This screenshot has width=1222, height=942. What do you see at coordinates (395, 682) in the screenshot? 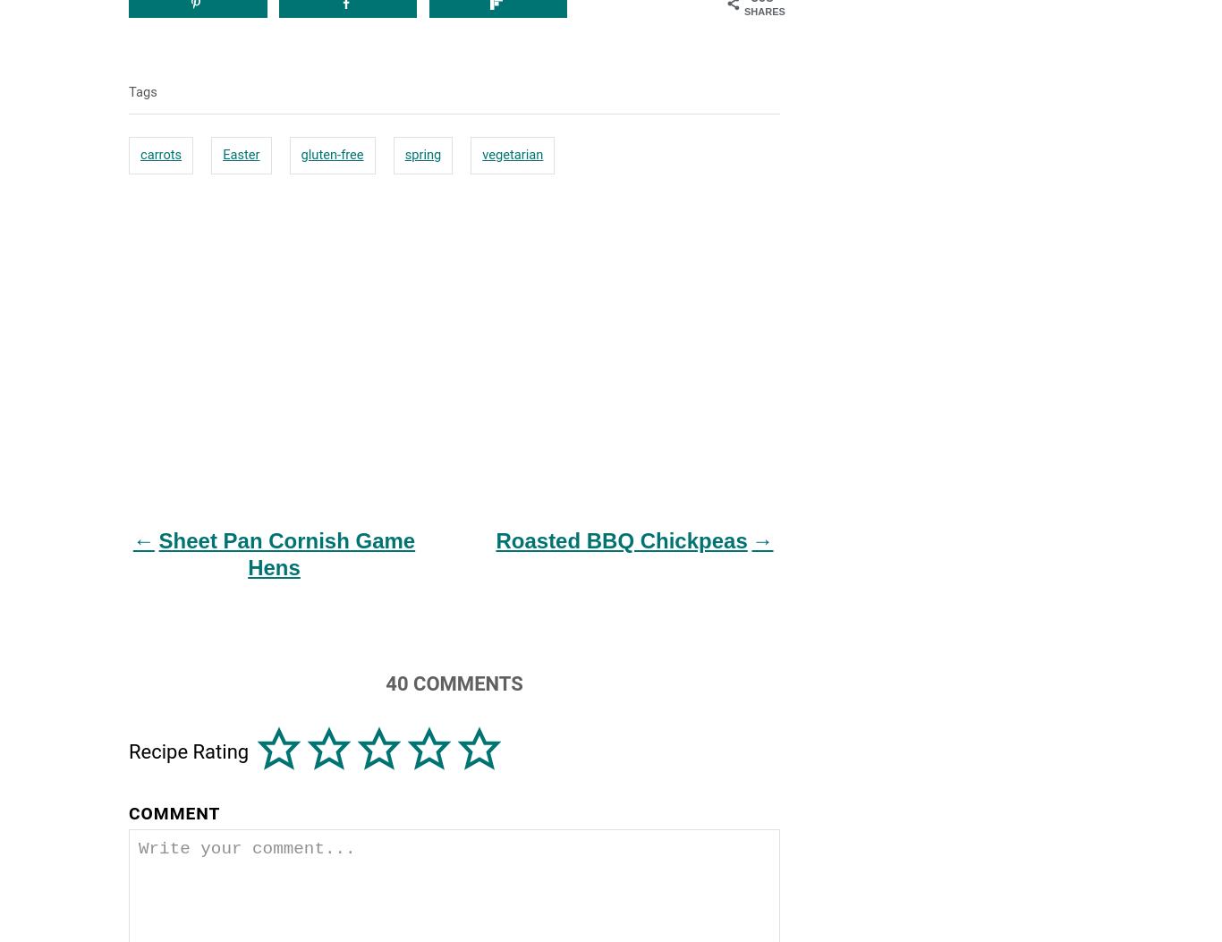
I see `'40'` at bounding box center [395, 682].